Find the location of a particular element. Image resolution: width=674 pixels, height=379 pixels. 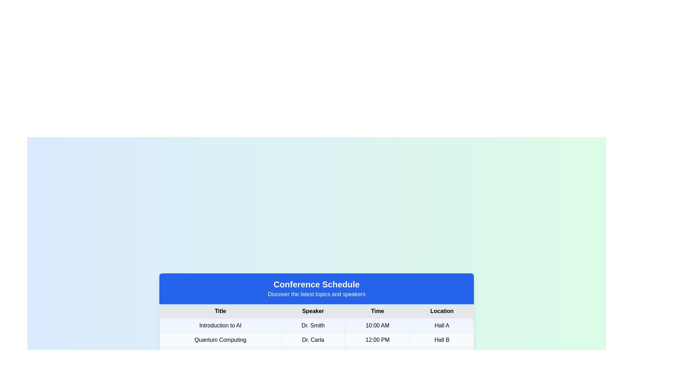

the text label indicating 'Locations', which is the fourth header in the table, located to the right of 'Time' is located at coordinates (441, 311).